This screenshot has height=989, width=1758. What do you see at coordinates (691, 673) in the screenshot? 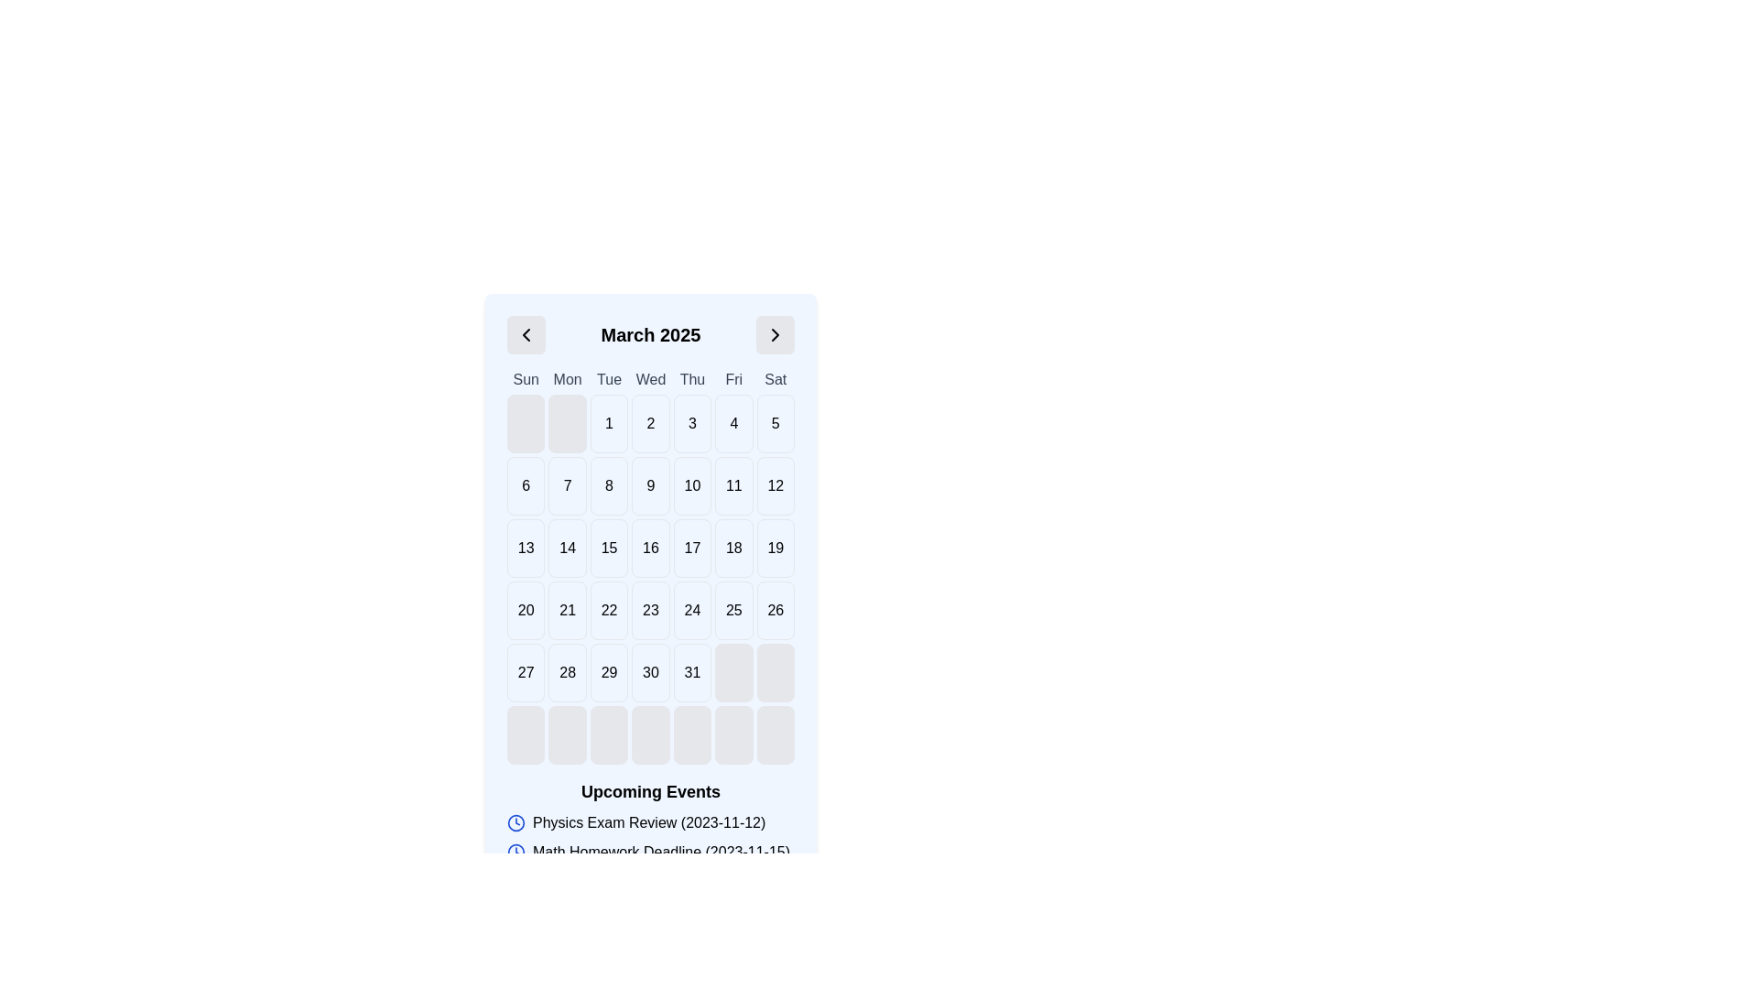
I see `the Date cell for March 31, 2025, located in the last row and fifth column of the calendar grid for accessibility navigation` at bounding box center [691, 673].